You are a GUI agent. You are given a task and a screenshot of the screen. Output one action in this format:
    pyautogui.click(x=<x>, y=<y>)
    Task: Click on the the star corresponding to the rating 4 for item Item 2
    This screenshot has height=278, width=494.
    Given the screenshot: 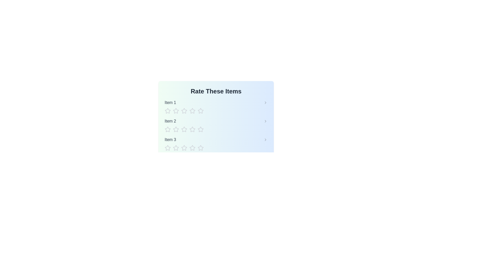 What is the action you would take?
    pyautogui.click(x=192, y=129)
    